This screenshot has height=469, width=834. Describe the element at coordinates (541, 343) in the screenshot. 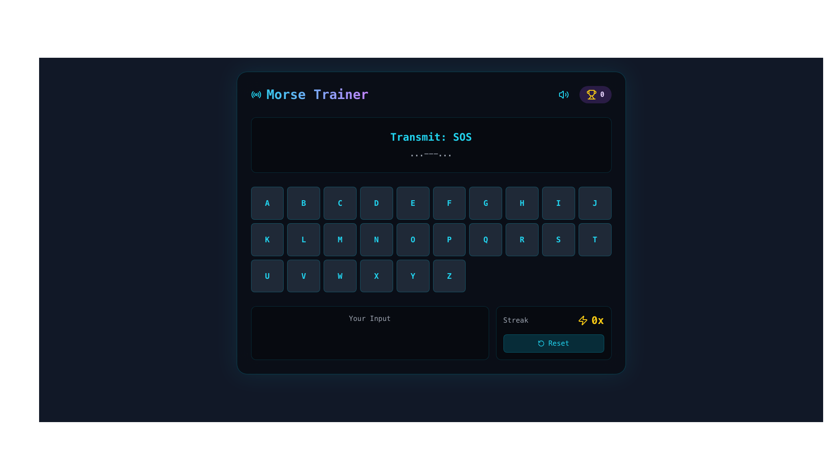

I see `the 'Reset' button which contains a circular arrow symbol pointing counterclockwise, located at the bottom right corner of the interface, next to a streak count display` at that location.